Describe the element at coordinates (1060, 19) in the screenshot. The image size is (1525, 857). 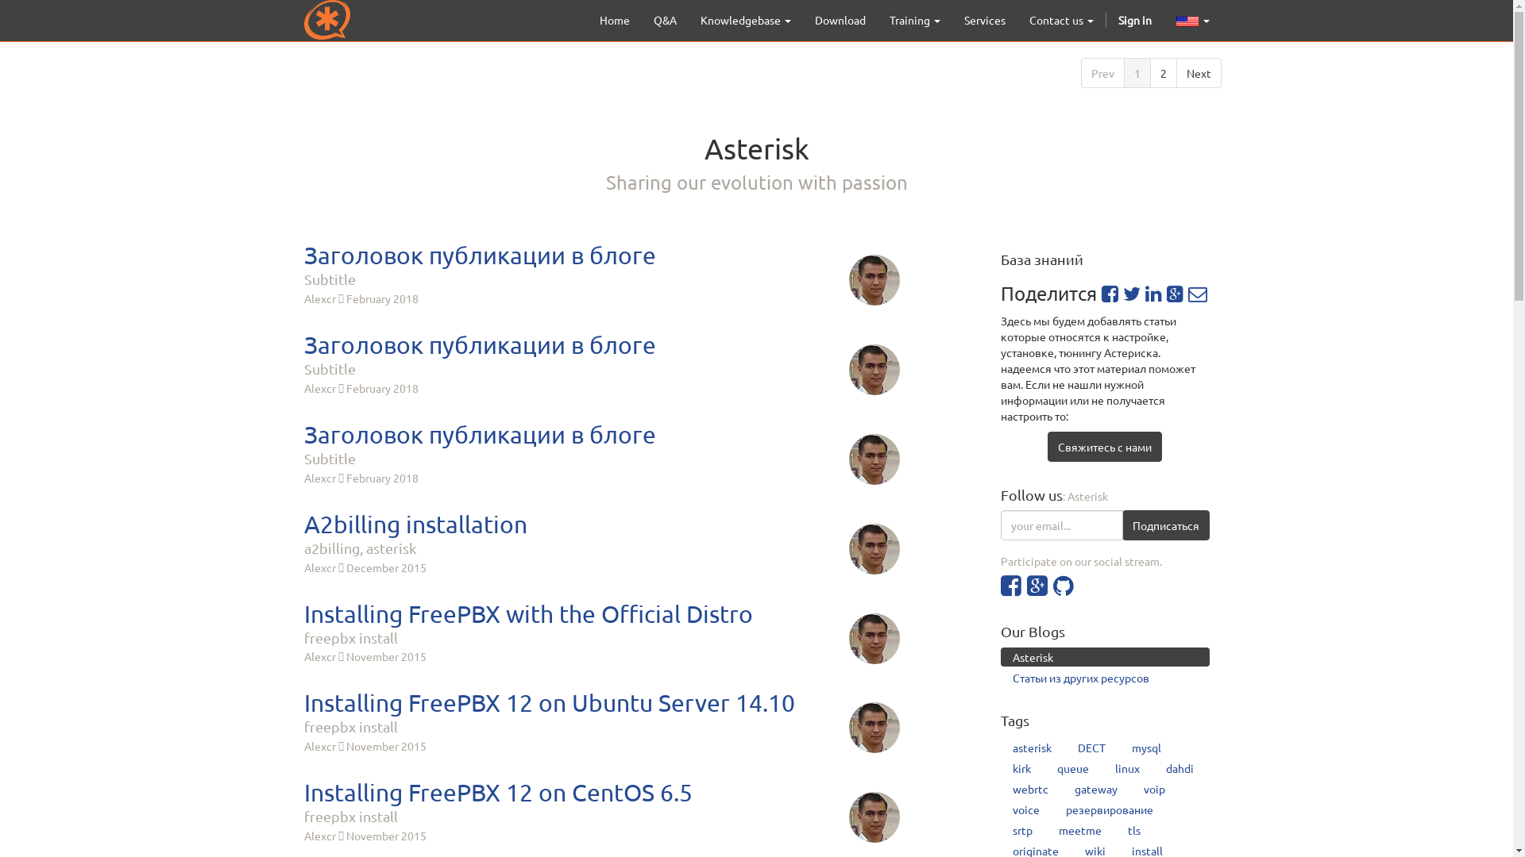
I see `'Contact us'` at that location.